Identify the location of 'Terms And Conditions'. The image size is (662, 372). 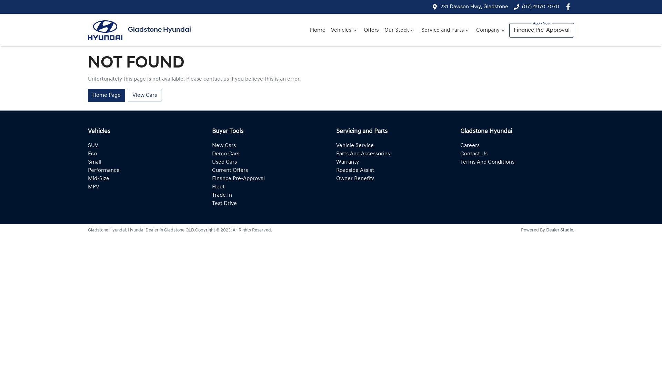
(487, 162).